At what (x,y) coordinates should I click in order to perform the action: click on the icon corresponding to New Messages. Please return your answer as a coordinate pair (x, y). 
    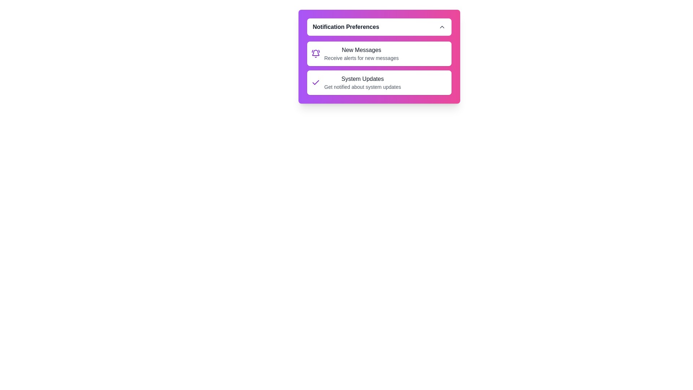
    Looking at the image, I should click on (315, 53).